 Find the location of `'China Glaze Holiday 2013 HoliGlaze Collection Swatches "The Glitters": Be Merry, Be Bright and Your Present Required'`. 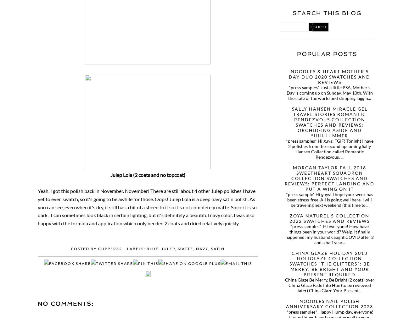

'China Glaze Holiday 2013 HoliGlaze Collection Swatches "The Glitters": Be Merry, Be Bright and Your Present Required' is located at coordinates (329, 263).